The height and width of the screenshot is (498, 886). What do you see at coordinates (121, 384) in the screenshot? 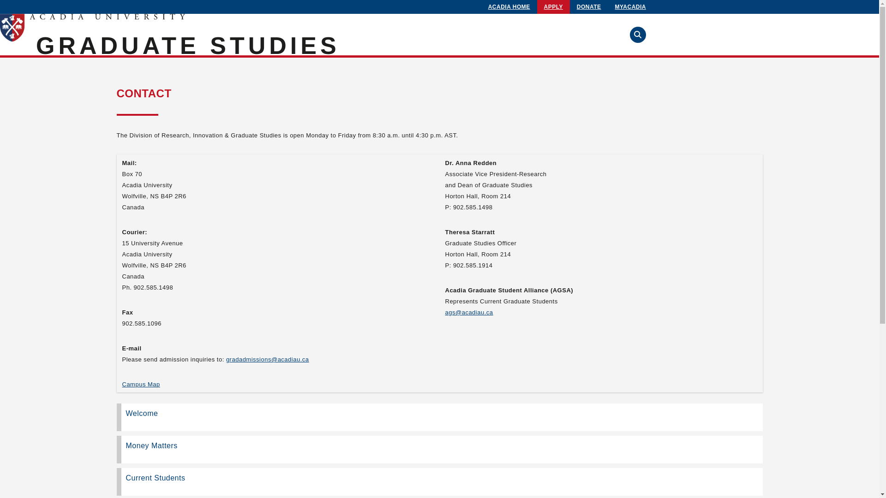
I see `'Campus Map'` at bounding box center [121, 384].